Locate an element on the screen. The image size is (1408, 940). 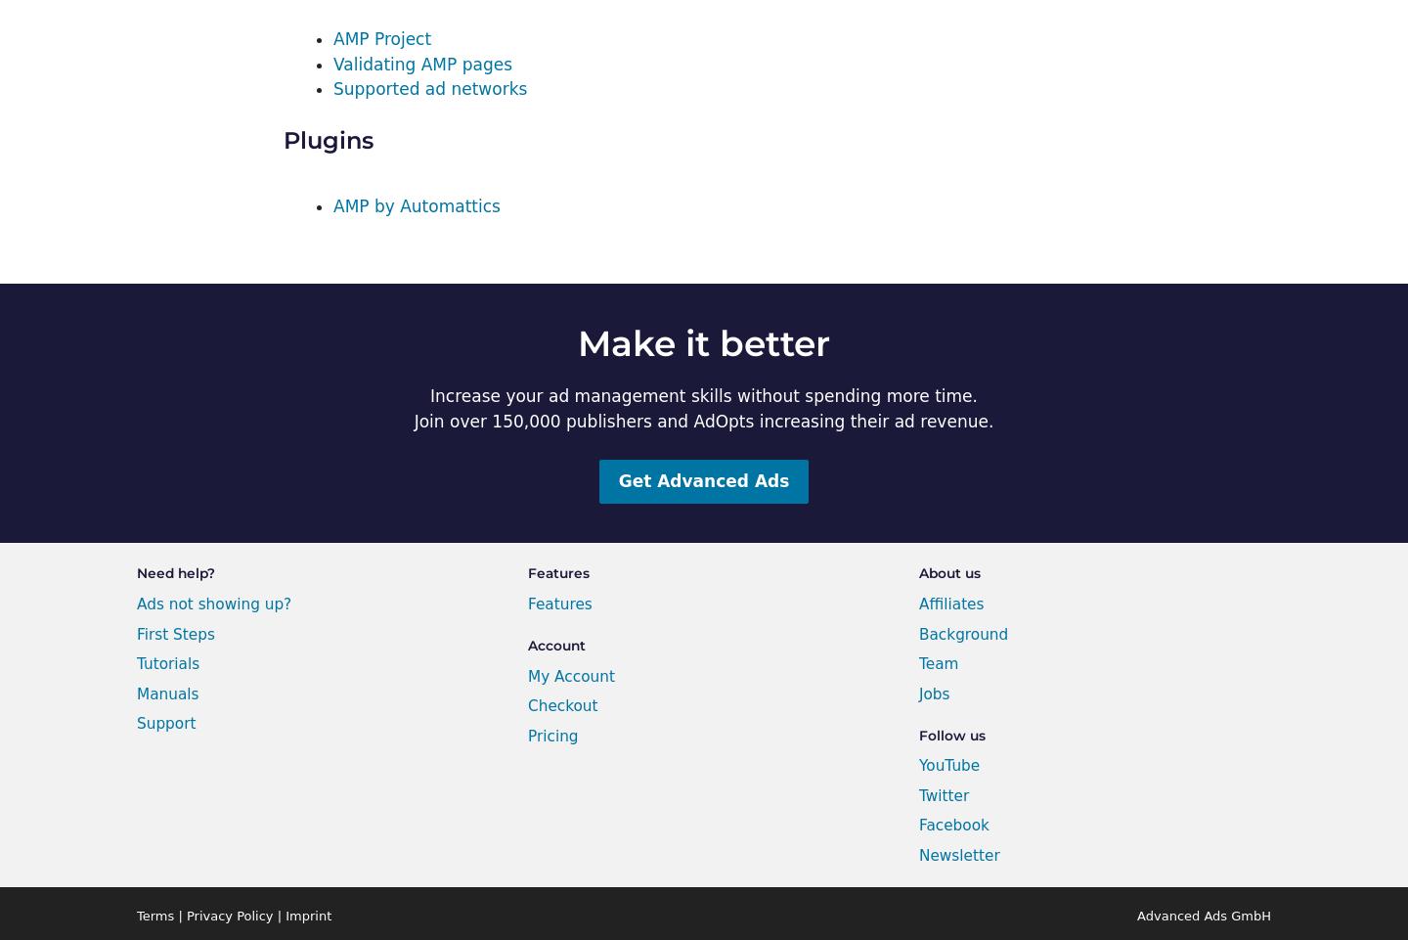
'Team' is located at coordinates (939, 663).